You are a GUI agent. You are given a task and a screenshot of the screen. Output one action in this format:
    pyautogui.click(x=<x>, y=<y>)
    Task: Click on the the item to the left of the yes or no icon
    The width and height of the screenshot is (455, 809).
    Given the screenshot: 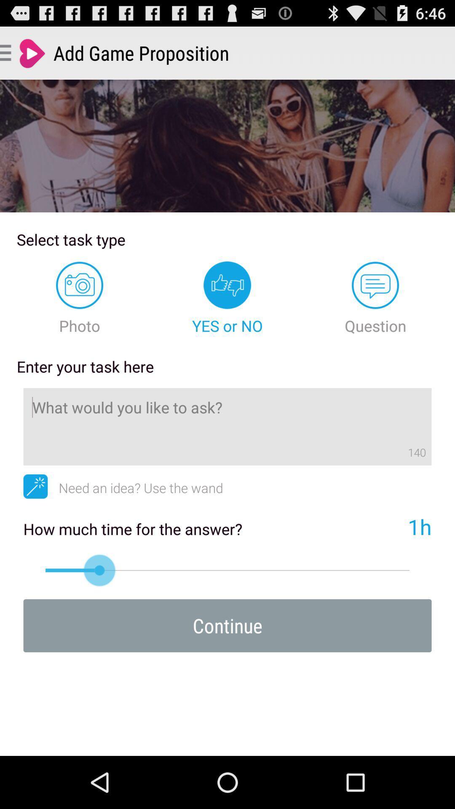 What is the action you would take?
    pyautogui.click(x=80, y=298)
    